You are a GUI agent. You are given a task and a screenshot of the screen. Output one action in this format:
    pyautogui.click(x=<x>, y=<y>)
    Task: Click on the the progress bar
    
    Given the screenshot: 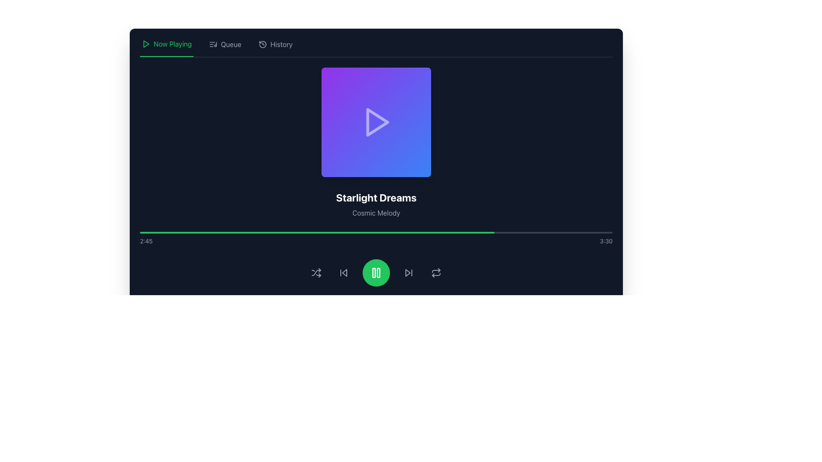 What is the action you would take?
    pyautogui.click(x=489, y=232)
    